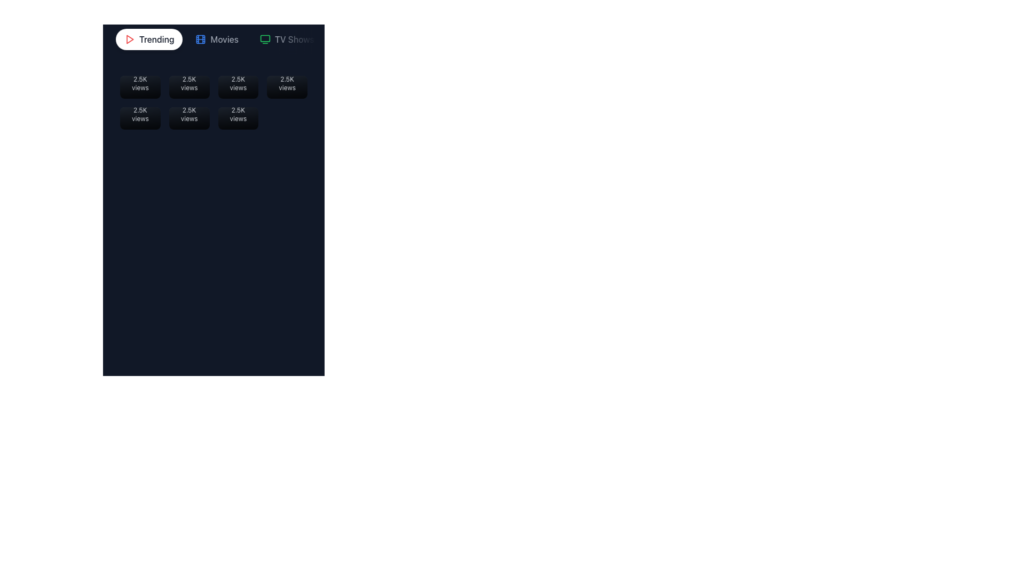  What do you see at coordinates (238, 77) in the screenshot?
I see `the text label displaying '2.5K views', which is the second item in the top row of a 3x2 grid, located below the dark blue navigation bar` at bounding box center [238, 77].